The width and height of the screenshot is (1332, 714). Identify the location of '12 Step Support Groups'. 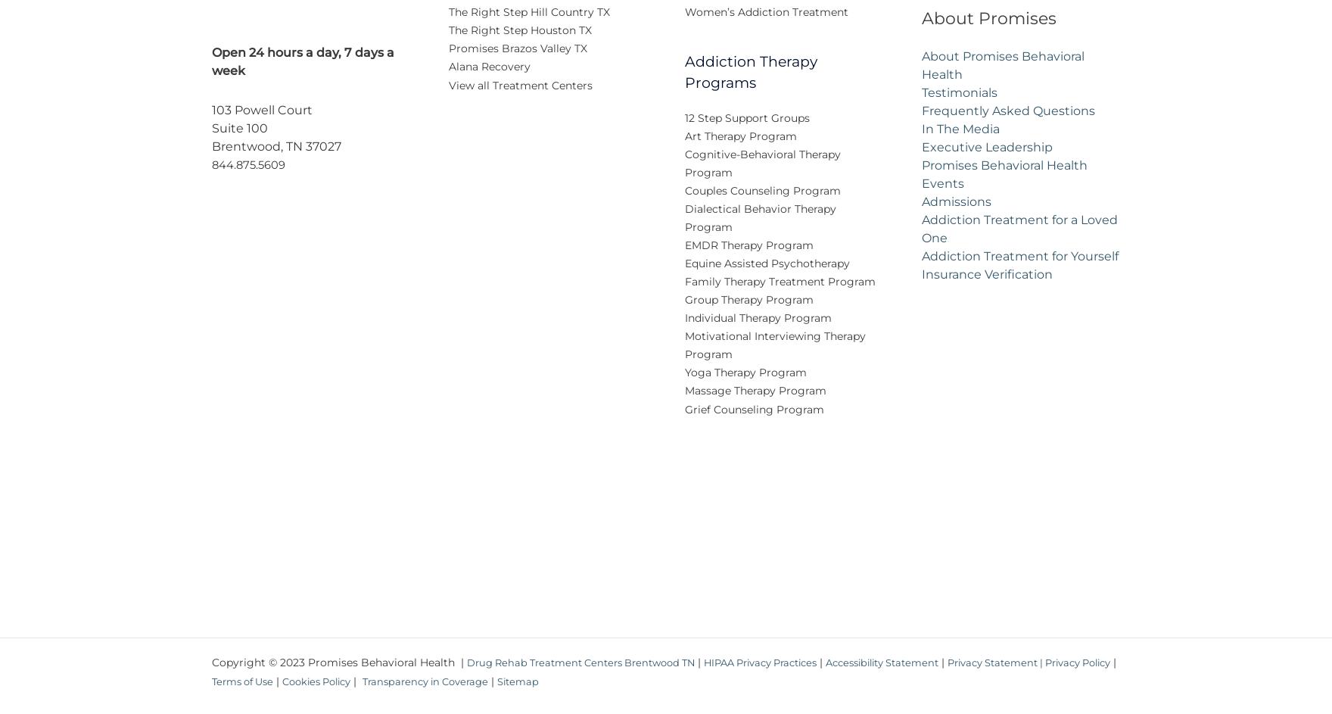
(747, 126).